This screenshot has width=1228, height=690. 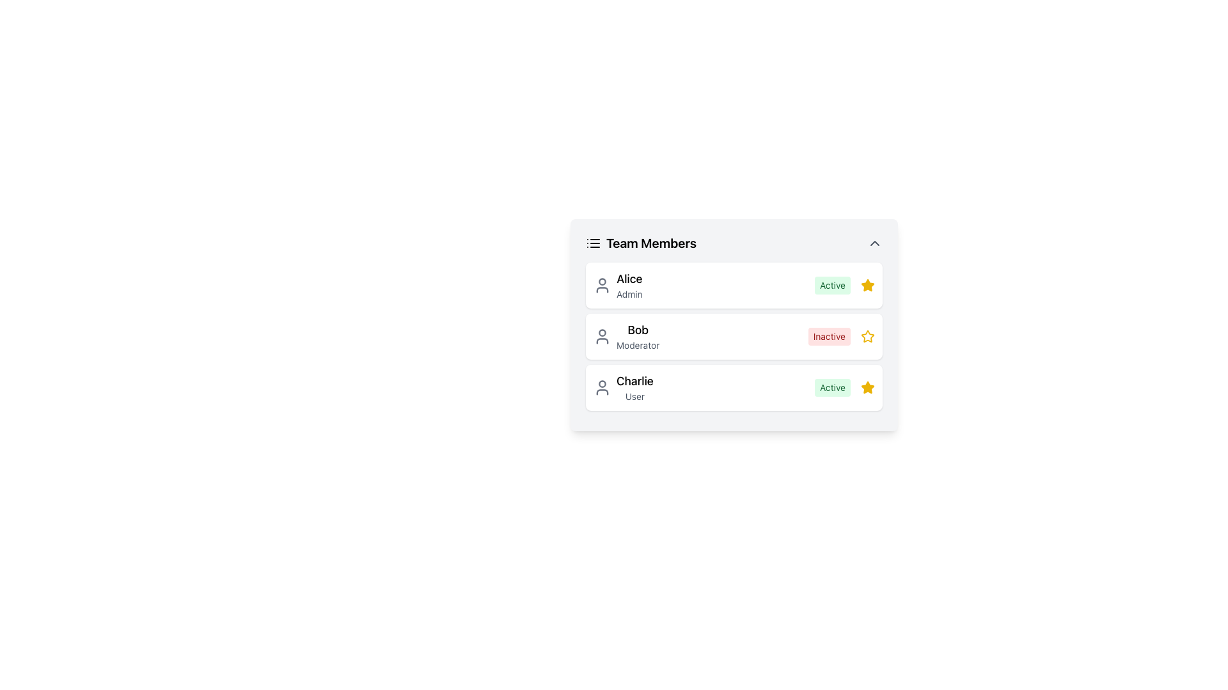 I want to click on the Profile Display element showing the avatar icon and the name 'Charlie' in bold, which is the third entry under the 'Team Members' header, so click(x=623, y=387).